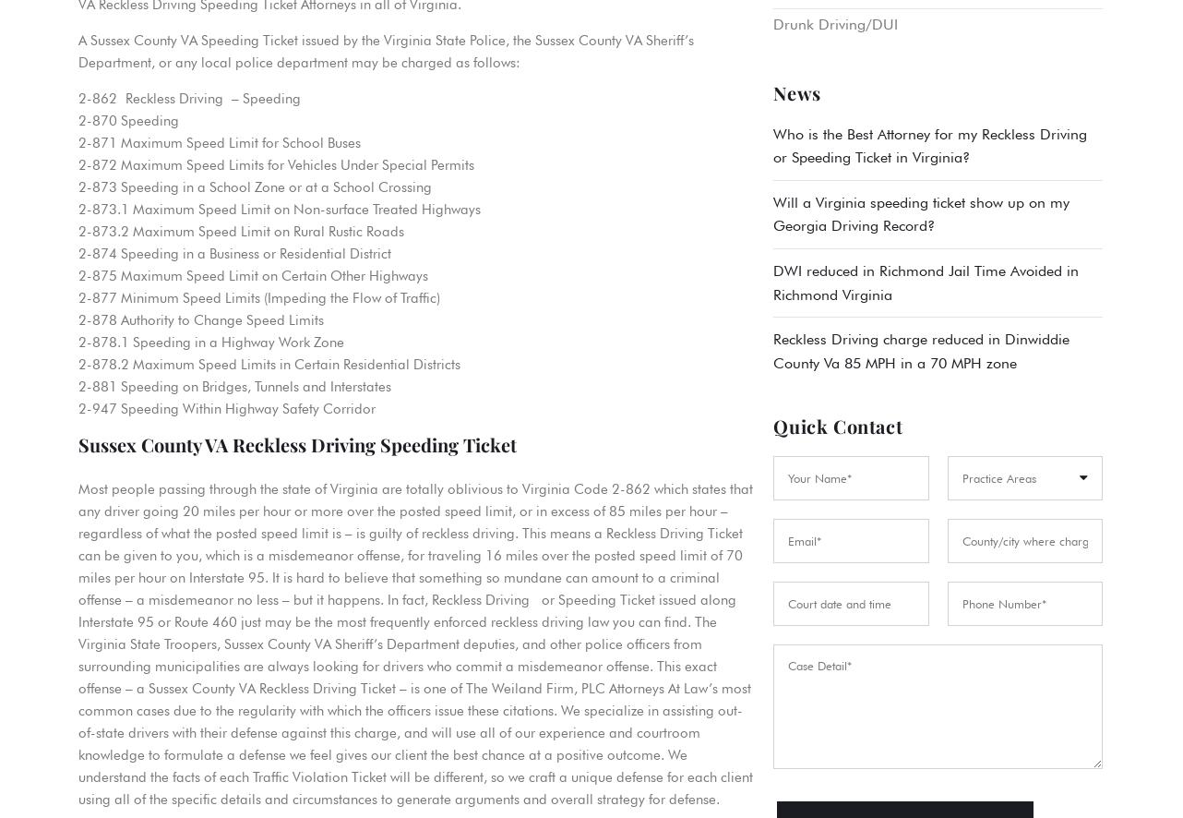  Describe the element at coordinates (920, 212) in the screenshot. I see `'Will a Virginia speeding ticket show up on my Georgia Driving Record?'` at that location.